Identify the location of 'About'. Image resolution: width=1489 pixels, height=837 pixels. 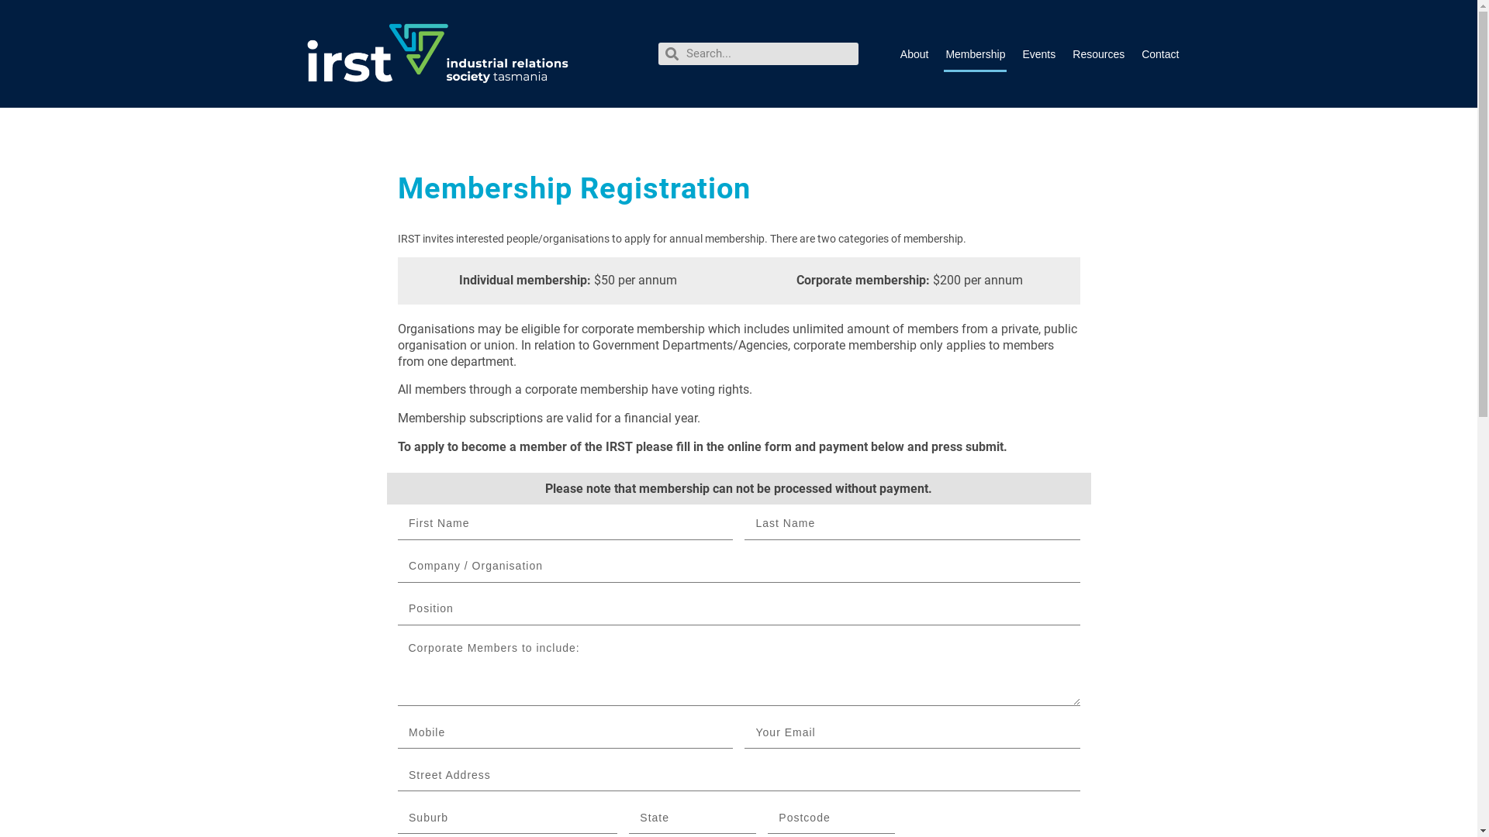
(898, 53).